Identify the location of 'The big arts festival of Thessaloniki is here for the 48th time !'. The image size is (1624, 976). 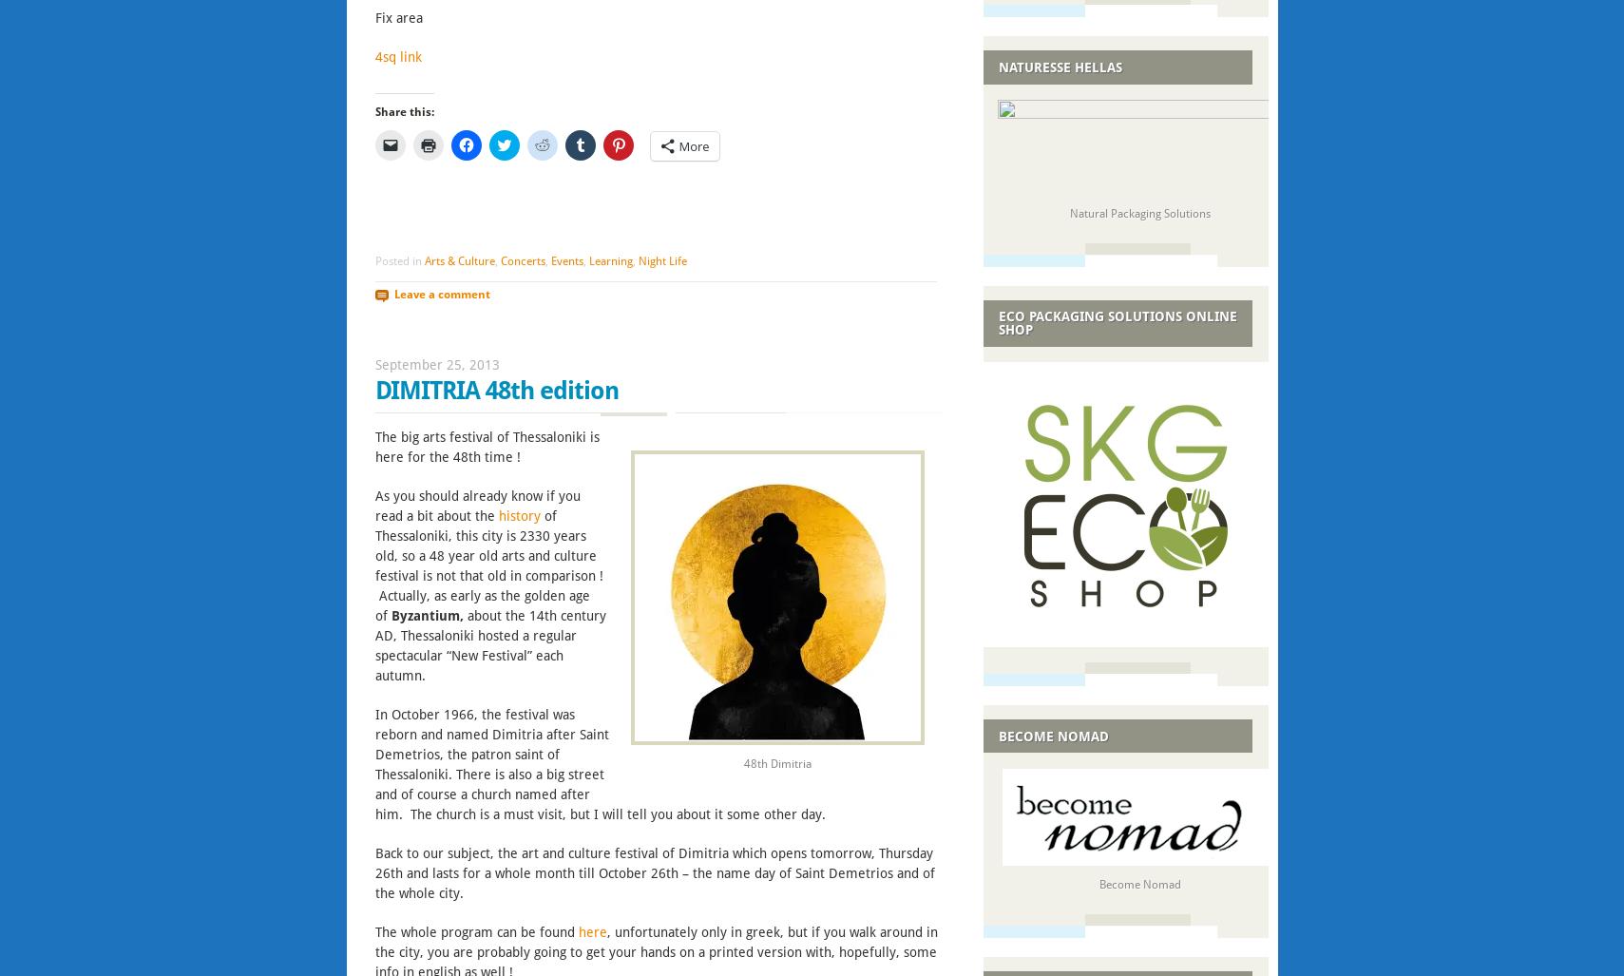
(486, 446).